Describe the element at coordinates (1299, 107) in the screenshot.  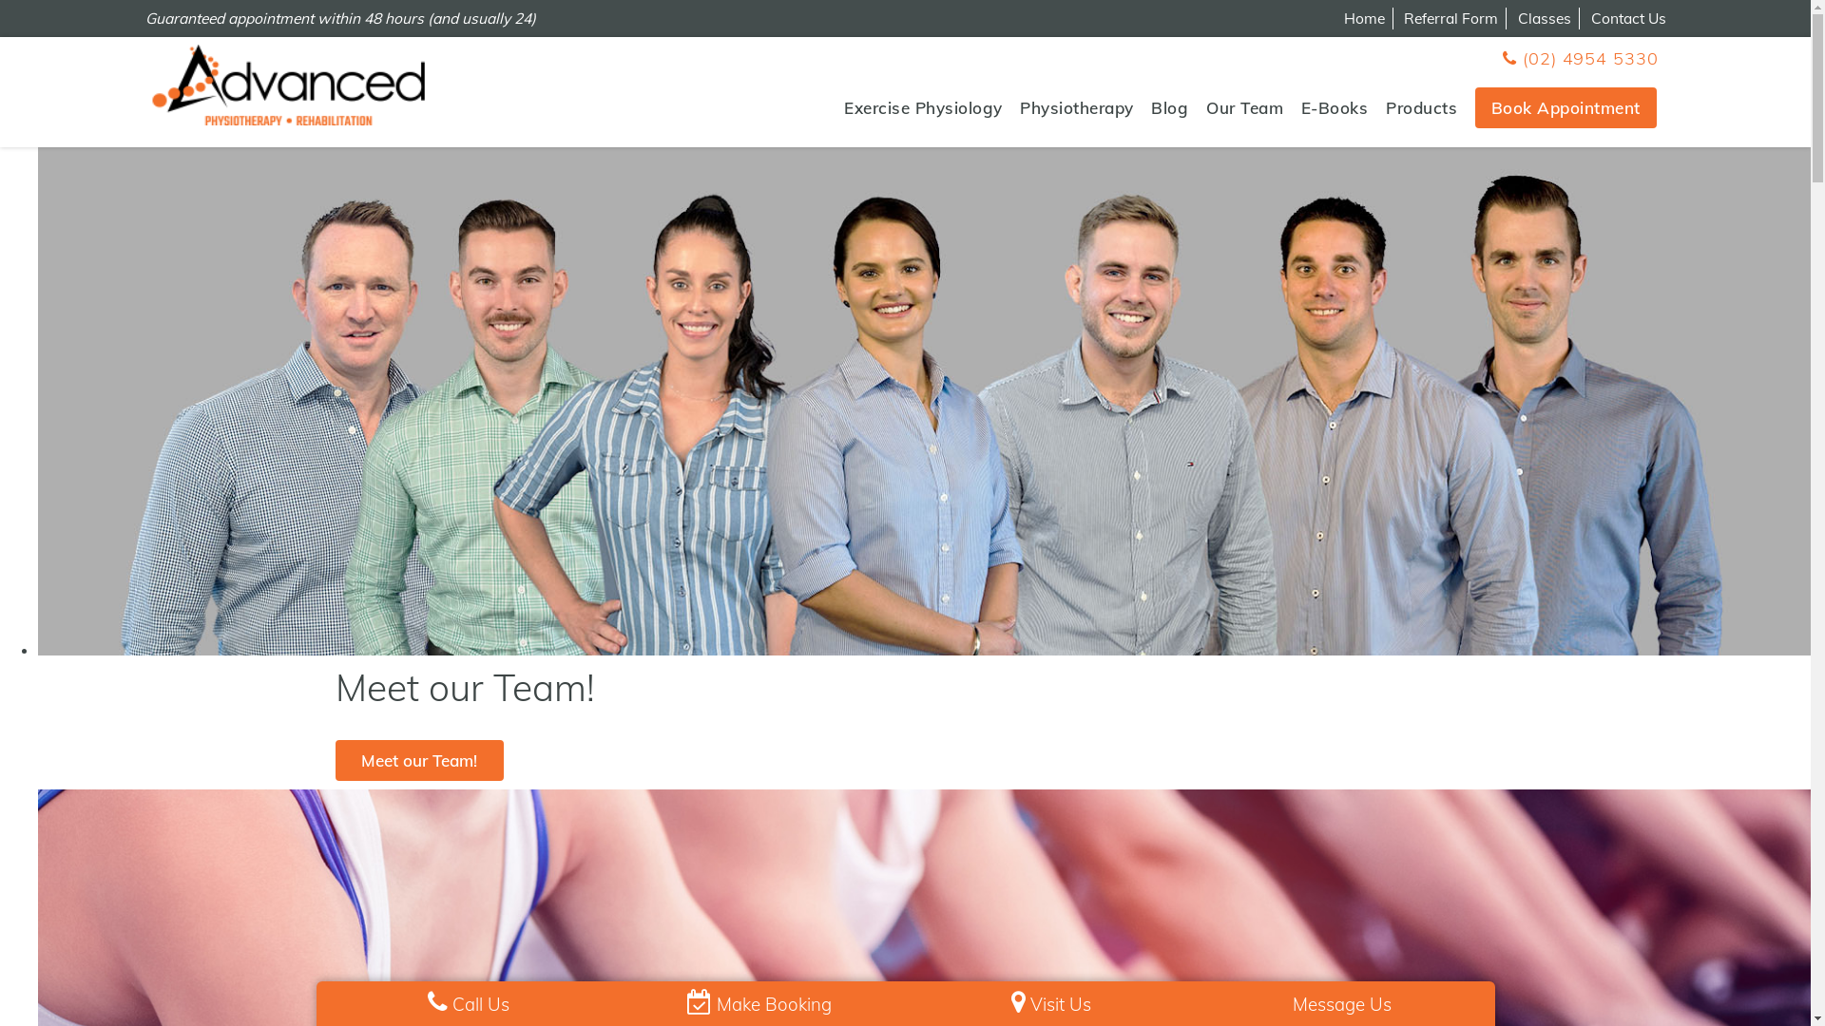
I see `'E-Books'` at that location.